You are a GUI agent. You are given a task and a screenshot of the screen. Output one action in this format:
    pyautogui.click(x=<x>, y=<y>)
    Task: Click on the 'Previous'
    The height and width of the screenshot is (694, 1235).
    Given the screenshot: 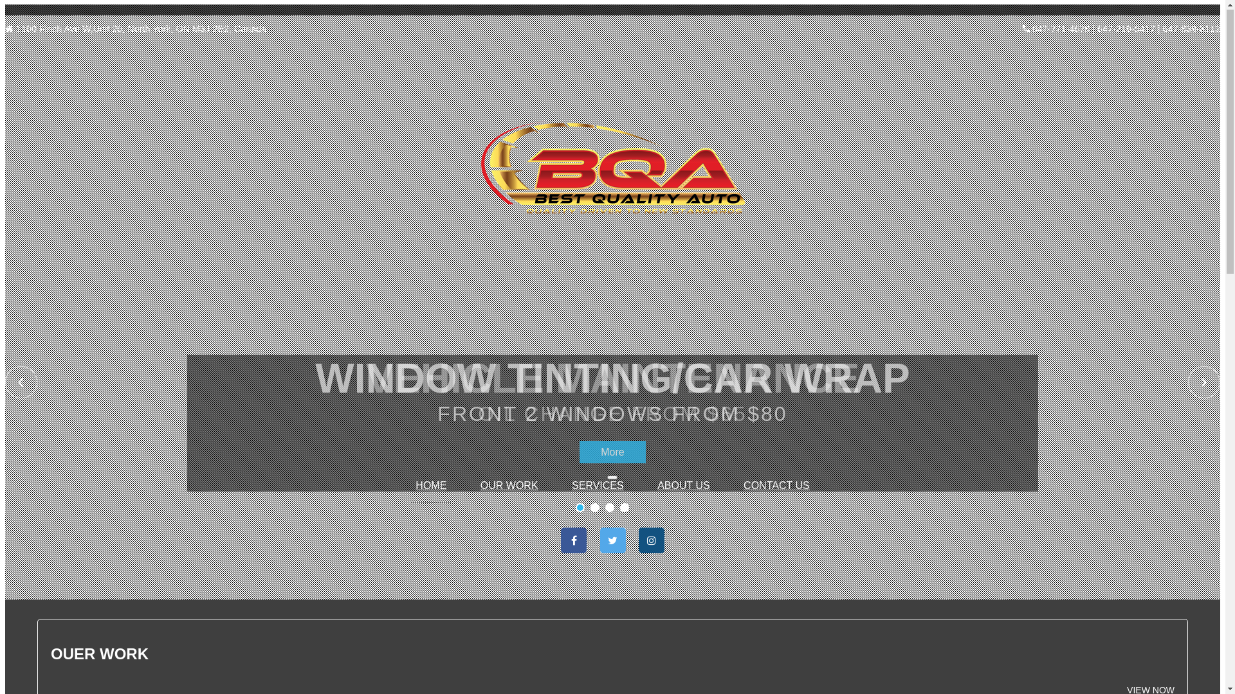 What is the action you would take?
    pyautogui.click(x=21, y=382)
    